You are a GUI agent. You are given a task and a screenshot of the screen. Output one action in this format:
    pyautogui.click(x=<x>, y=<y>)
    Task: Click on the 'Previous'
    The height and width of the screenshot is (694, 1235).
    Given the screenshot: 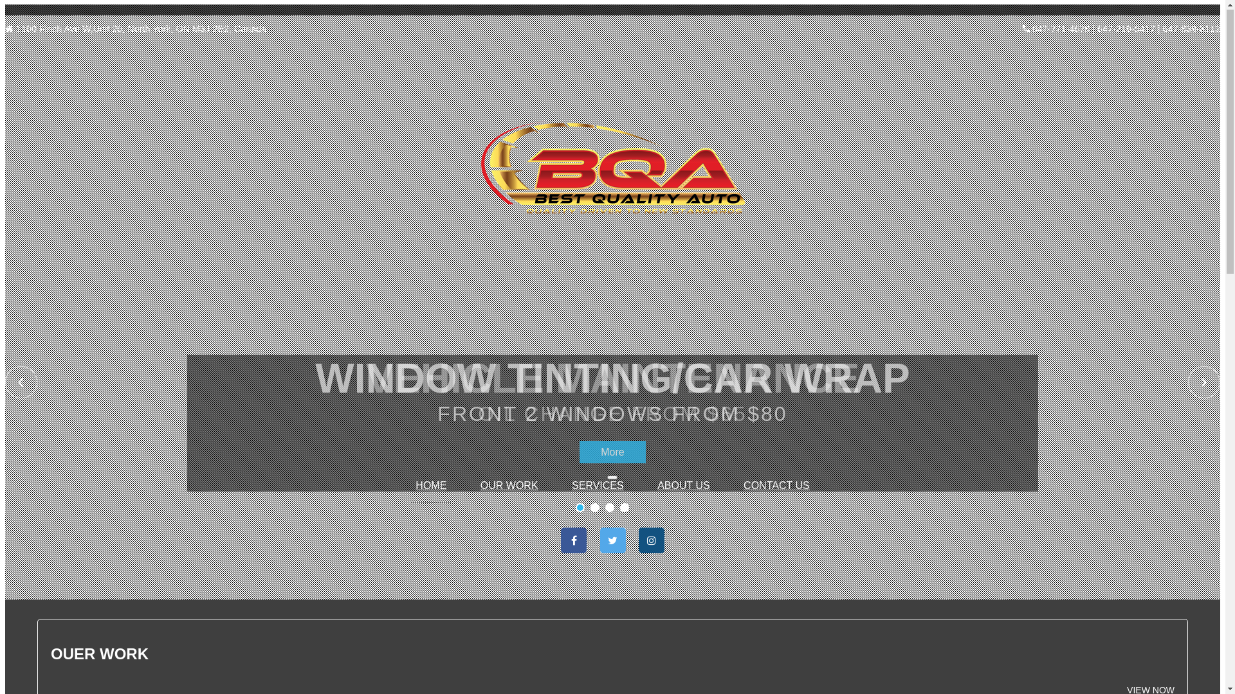 What is the action you would take?
    pyautogui.click(x=21, y=382)
    